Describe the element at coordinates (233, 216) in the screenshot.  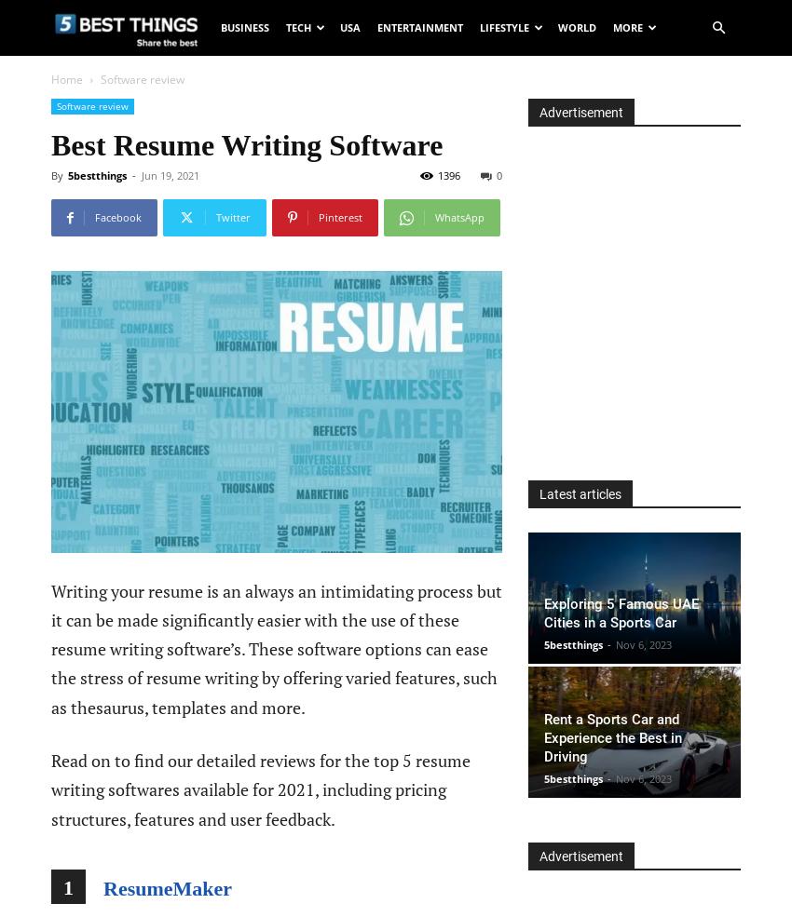
I see `'Twitter'` at that location.